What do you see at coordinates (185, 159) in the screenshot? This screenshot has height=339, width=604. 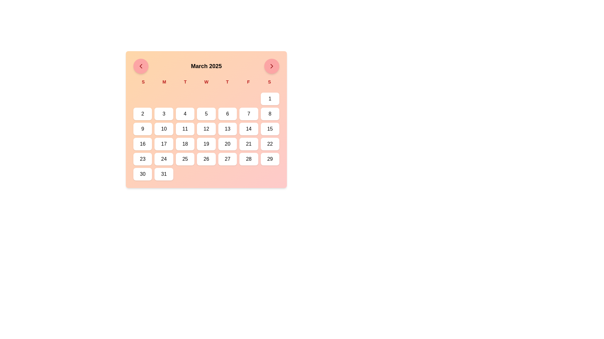 I see `the date selection button in the calendar view, which is the fourth element in the fifth row of a grid layout, surrounded by the numbers '24' and '26'` at bounding box center [185, 159].